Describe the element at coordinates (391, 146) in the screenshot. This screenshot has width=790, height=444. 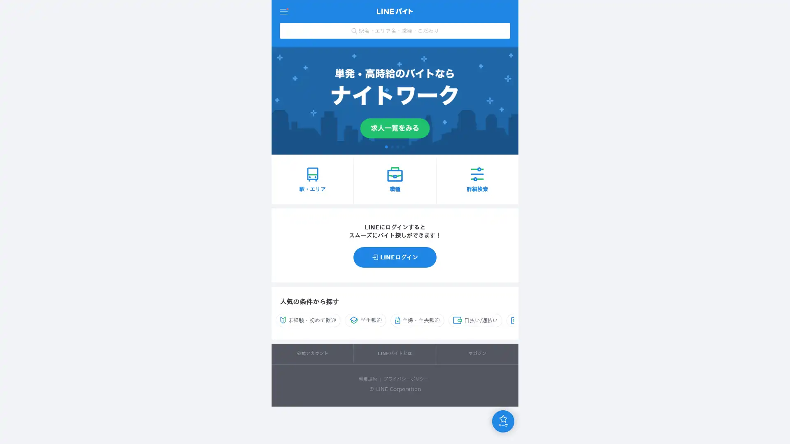
I see `2` at that location.